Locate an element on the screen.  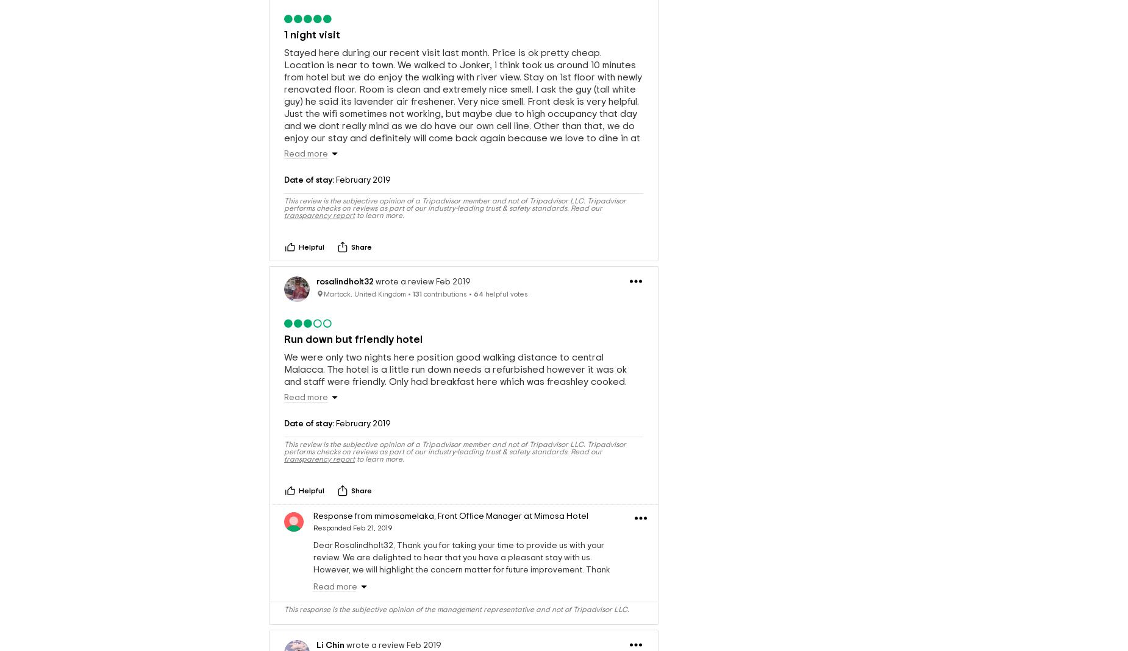
'Feb 21, 2019' is located at coordinates (373, 526).